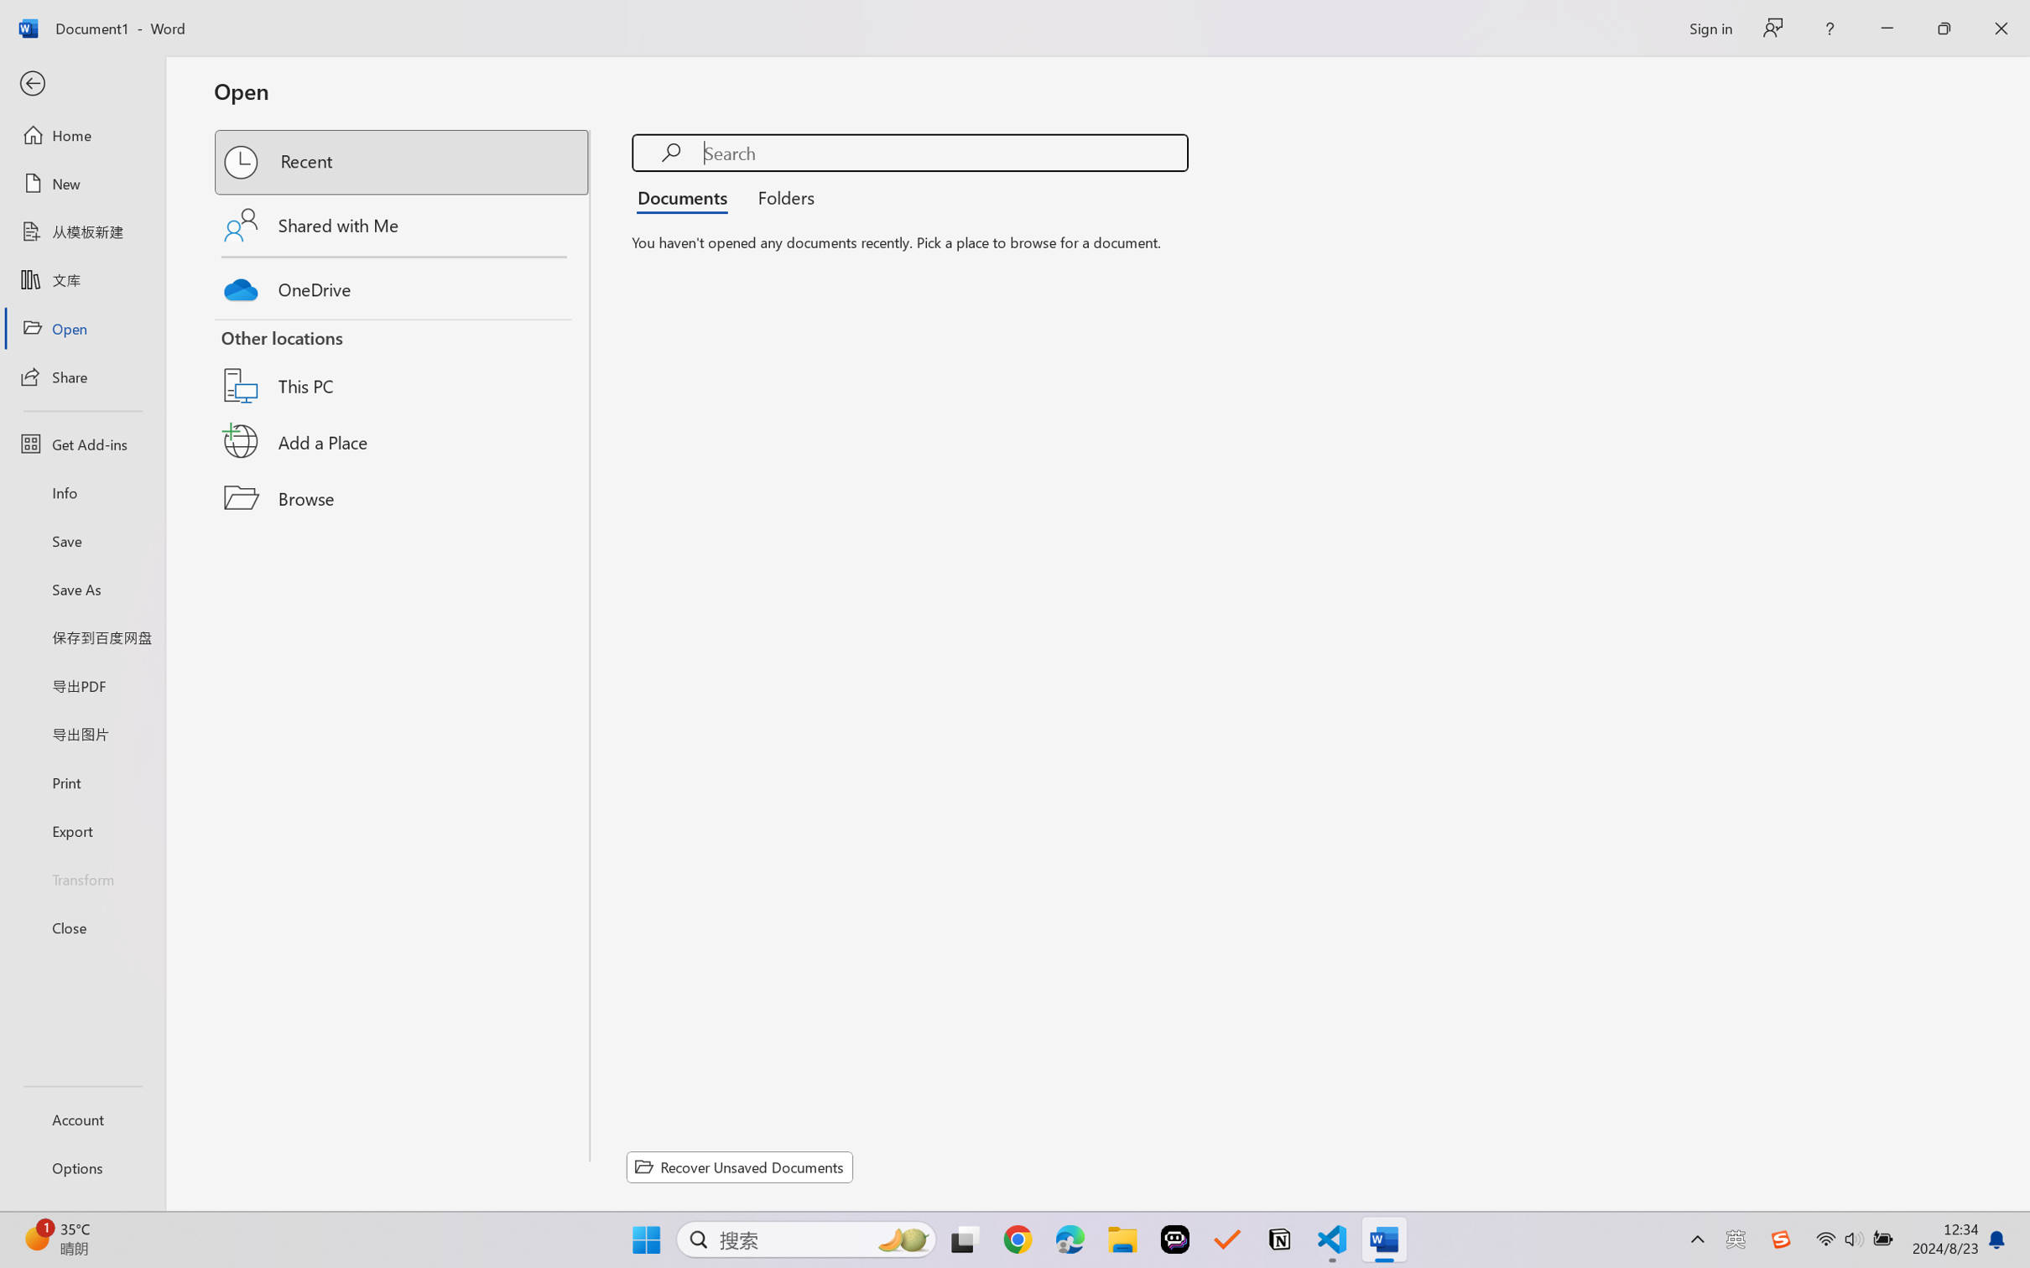 The image size is (2030, 1268). I want to click on 'Print', so click(81, 782).